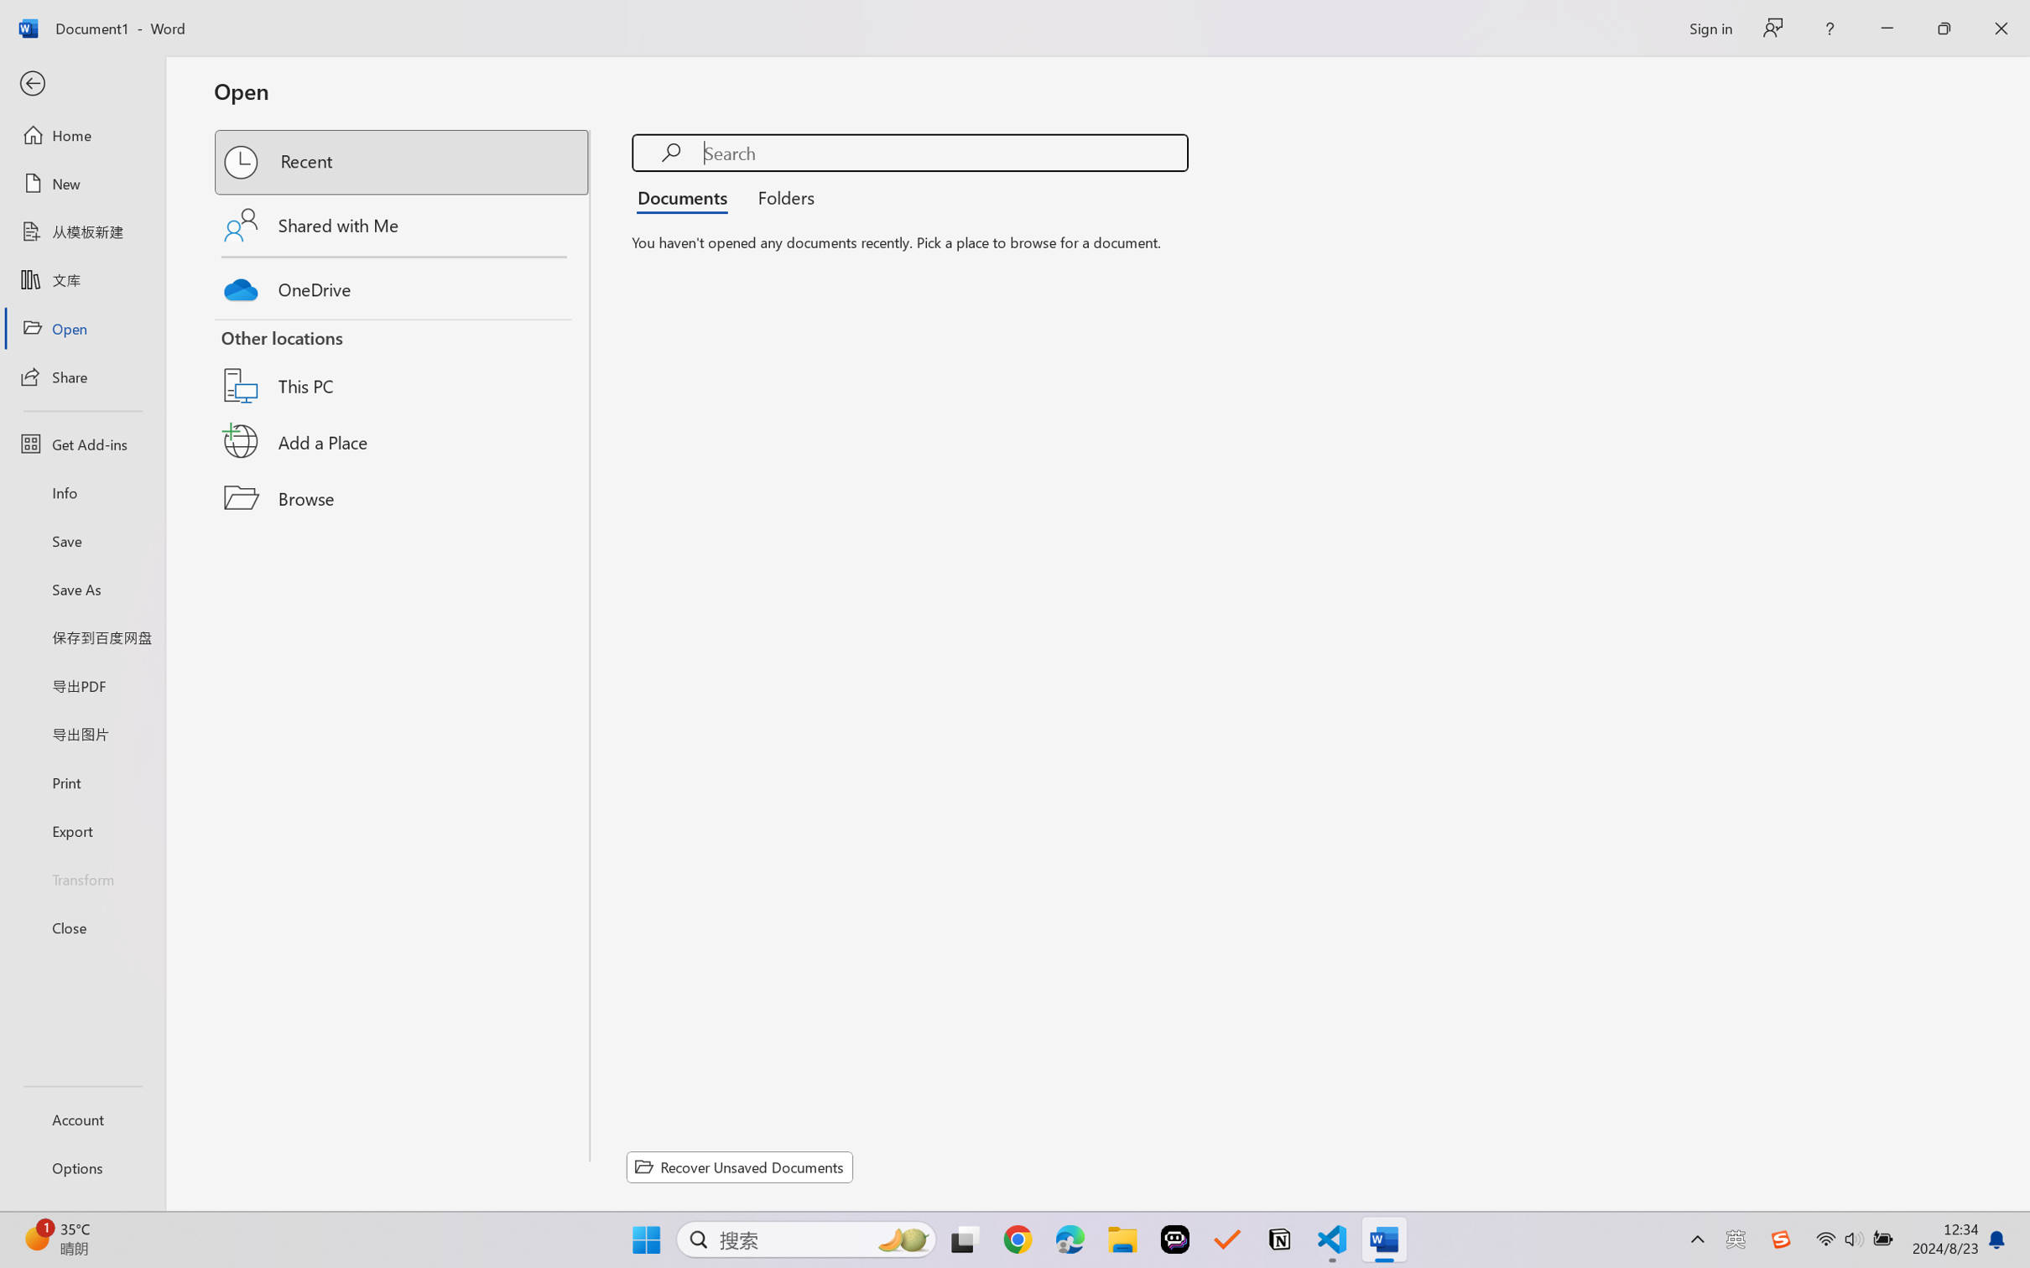 The image size is (2030, 1268). I want to click on 'Print', so click(81, 782).